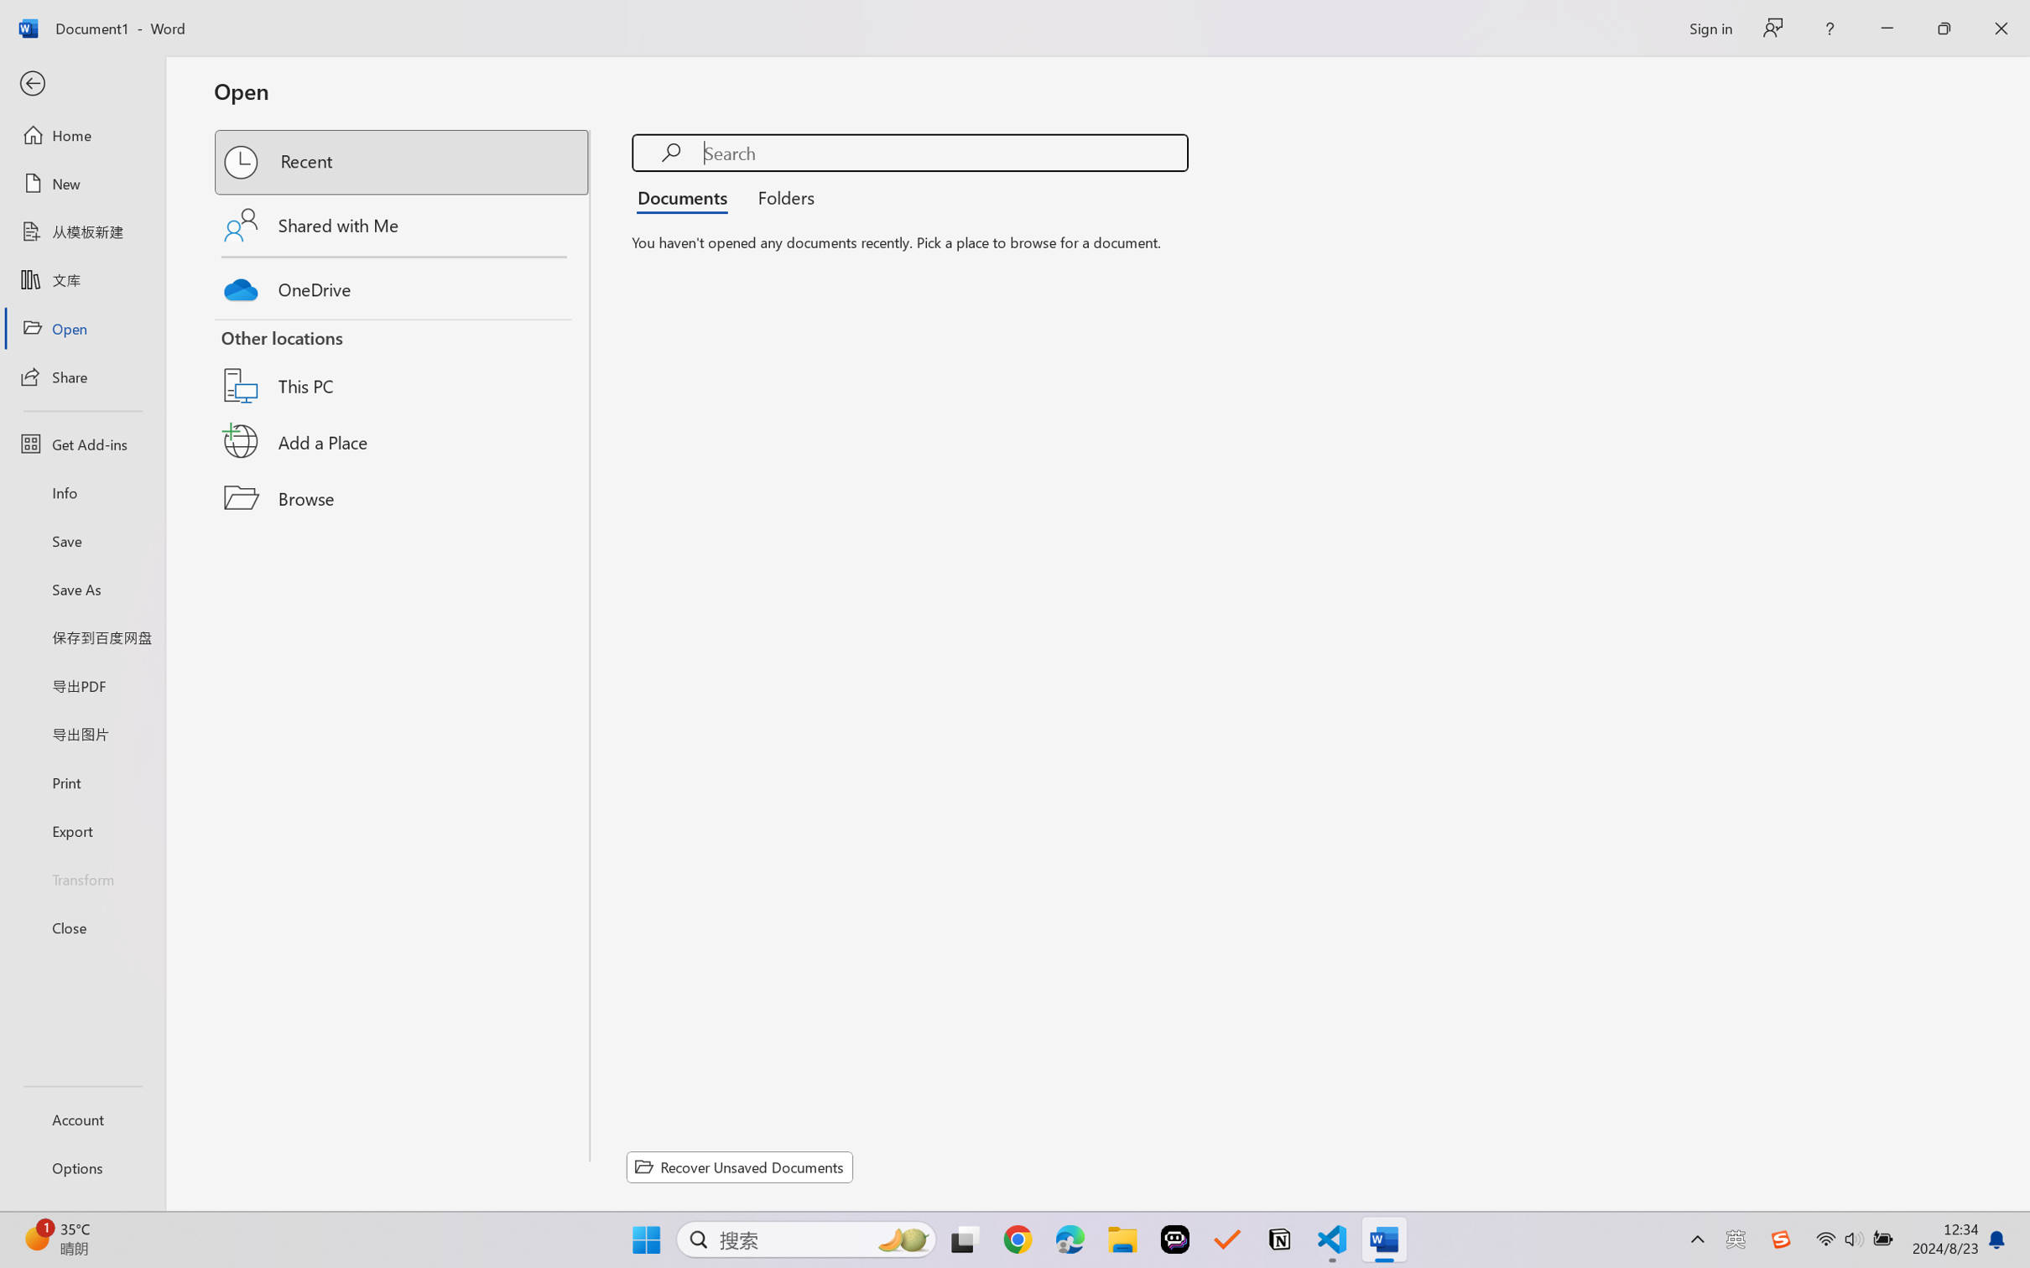 The image size is (2030, 1268). I want to click on 'Print', so click(81, 782).